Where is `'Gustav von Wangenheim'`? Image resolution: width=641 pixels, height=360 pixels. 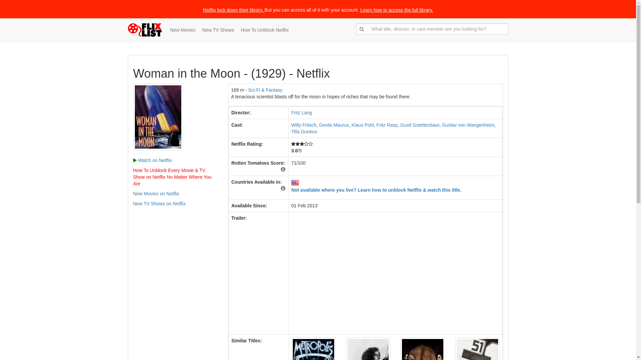
'Gustav von Wangenheim' is located at coordinates (468, 125).